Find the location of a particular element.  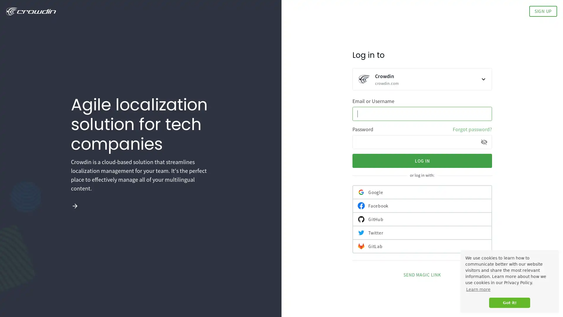

LOG IN is located at coordinates (422, 161).